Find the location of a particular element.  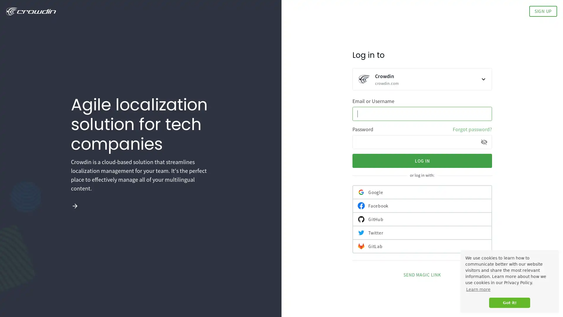

LOG IN is located at coordinates (422, 161).